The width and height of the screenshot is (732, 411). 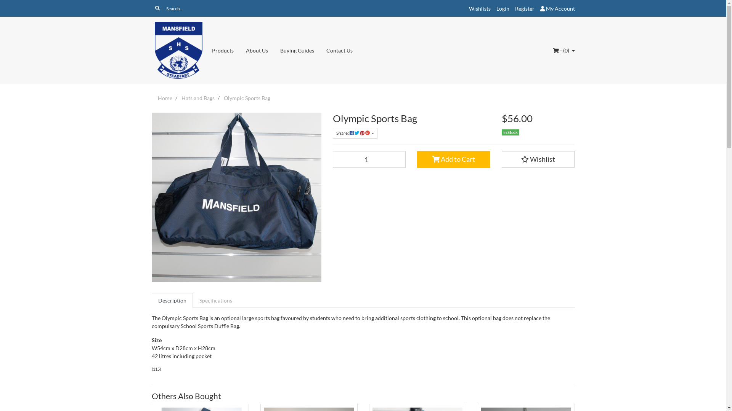 I want to click on 'Products', so click(x=205, y=50).